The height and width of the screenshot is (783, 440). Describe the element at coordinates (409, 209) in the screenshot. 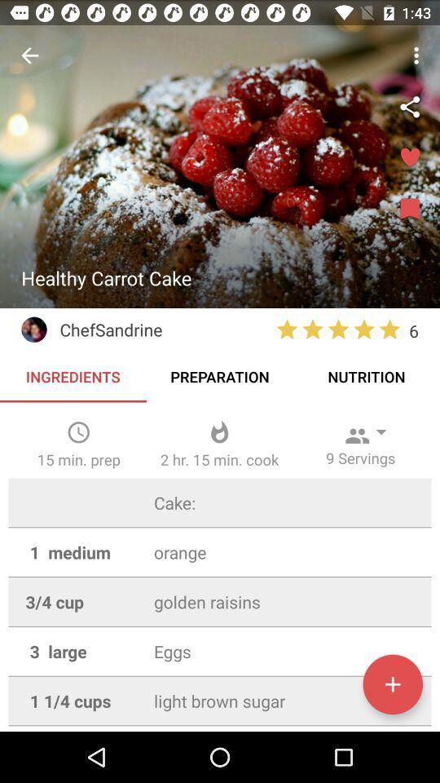

I see `bookmark button` at that location.